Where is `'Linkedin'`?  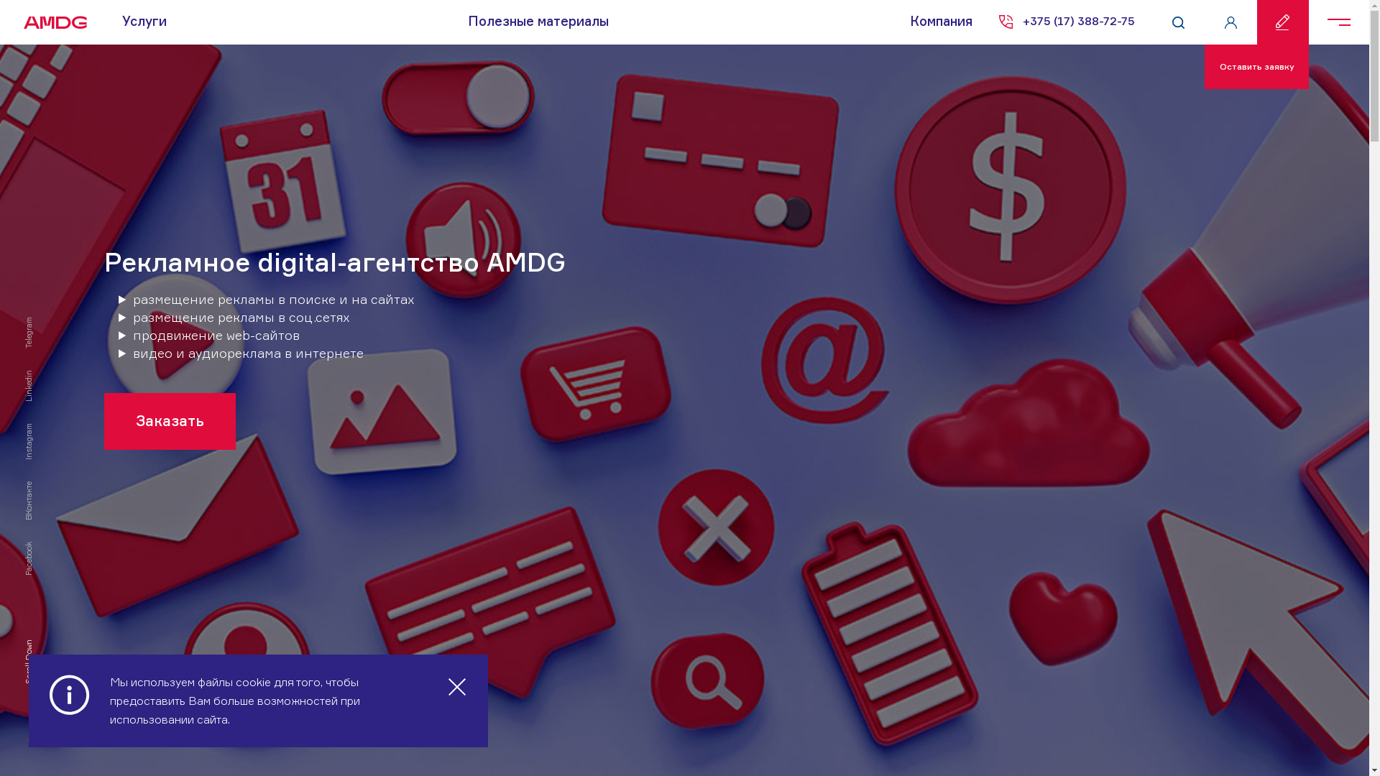 'Linkedin' is located at coordinates (39, 374).